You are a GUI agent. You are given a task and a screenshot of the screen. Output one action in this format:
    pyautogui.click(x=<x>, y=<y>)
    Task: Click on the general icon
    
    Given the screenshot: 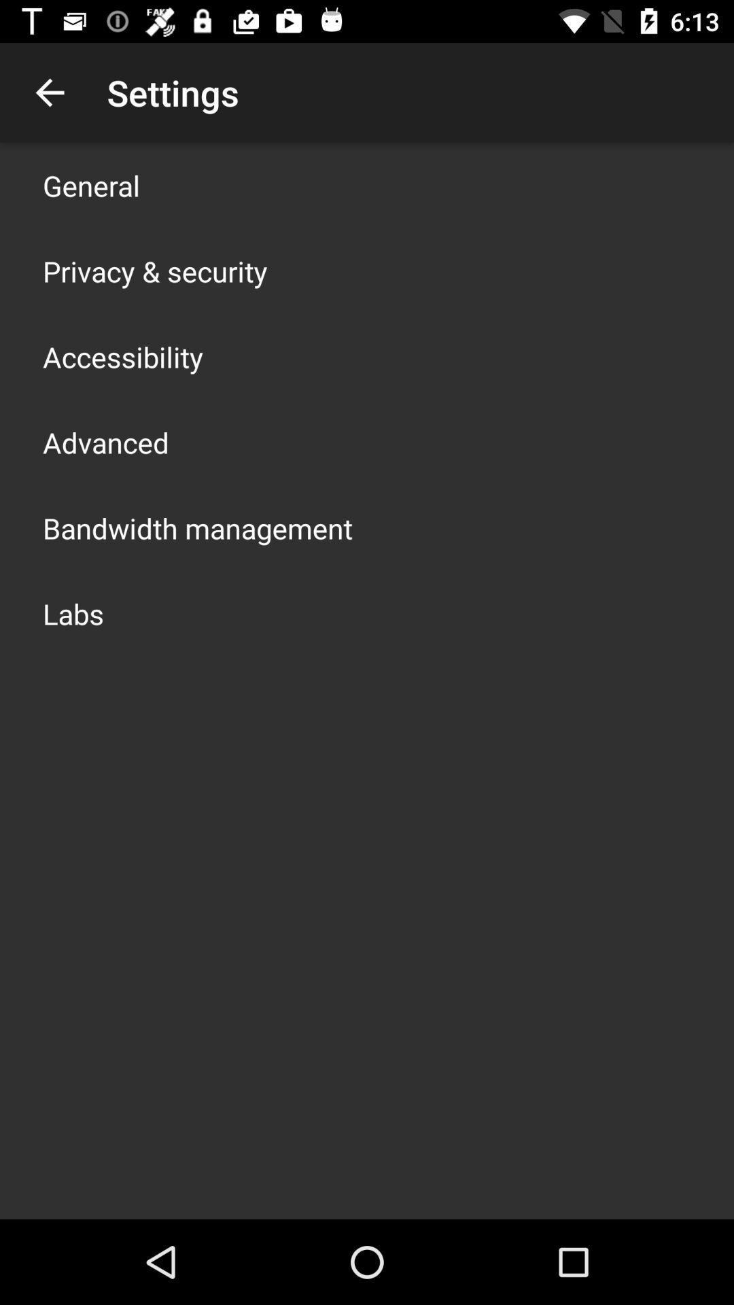 What is the action you would take?
    pyautogui.click(x=91, y=185)
    